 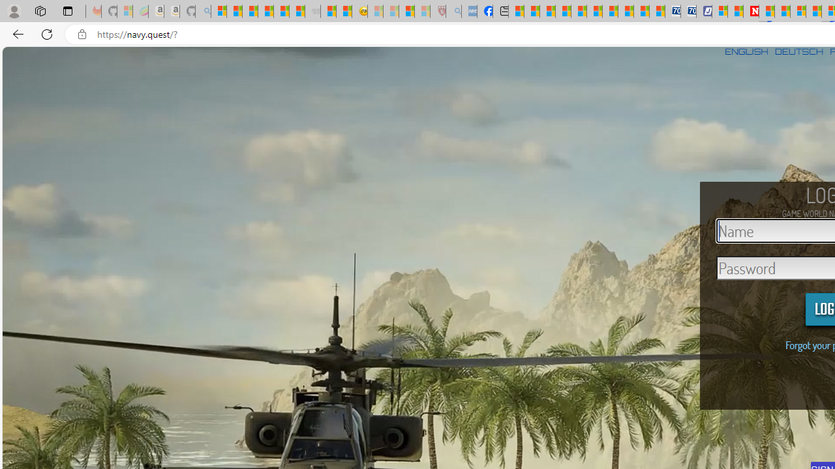 I want to click on '12 Popular Science Lies that Must be Corrected - Sleeping', so click(x=422, y=11).